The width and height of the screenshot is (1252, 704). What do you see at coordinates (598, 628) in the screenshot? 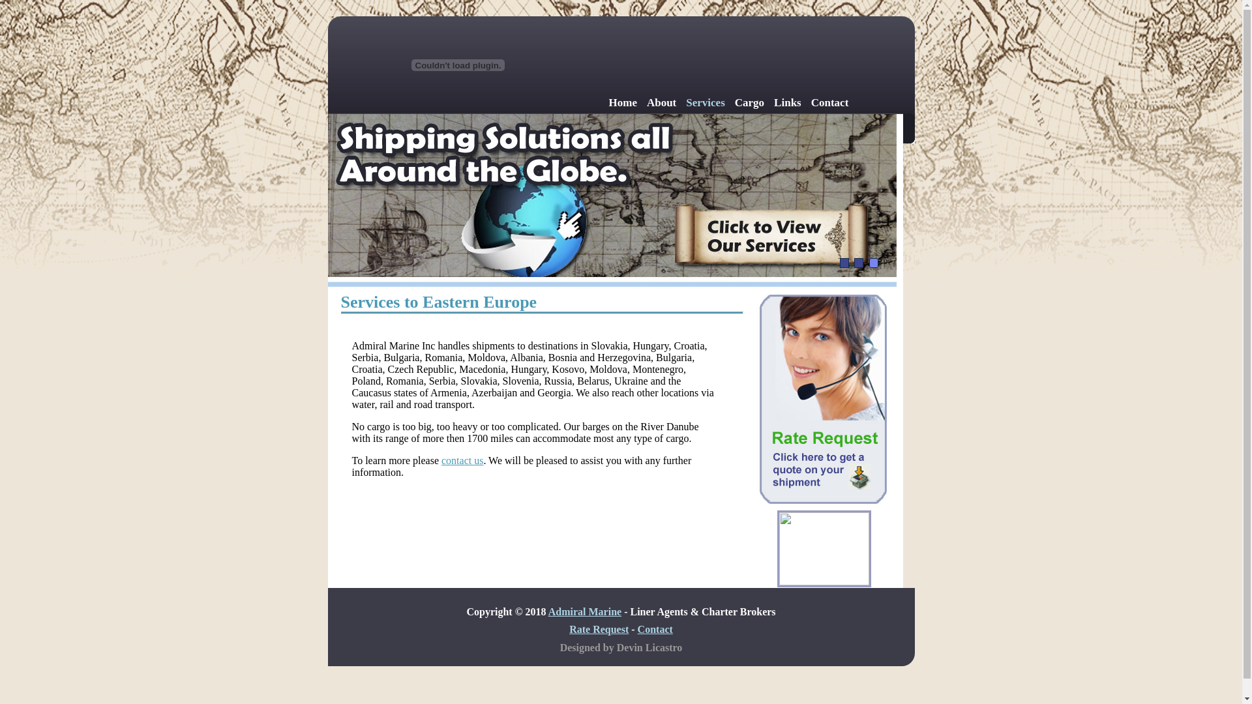
I see `'Rate Request'` at bounding box center [598, 628].